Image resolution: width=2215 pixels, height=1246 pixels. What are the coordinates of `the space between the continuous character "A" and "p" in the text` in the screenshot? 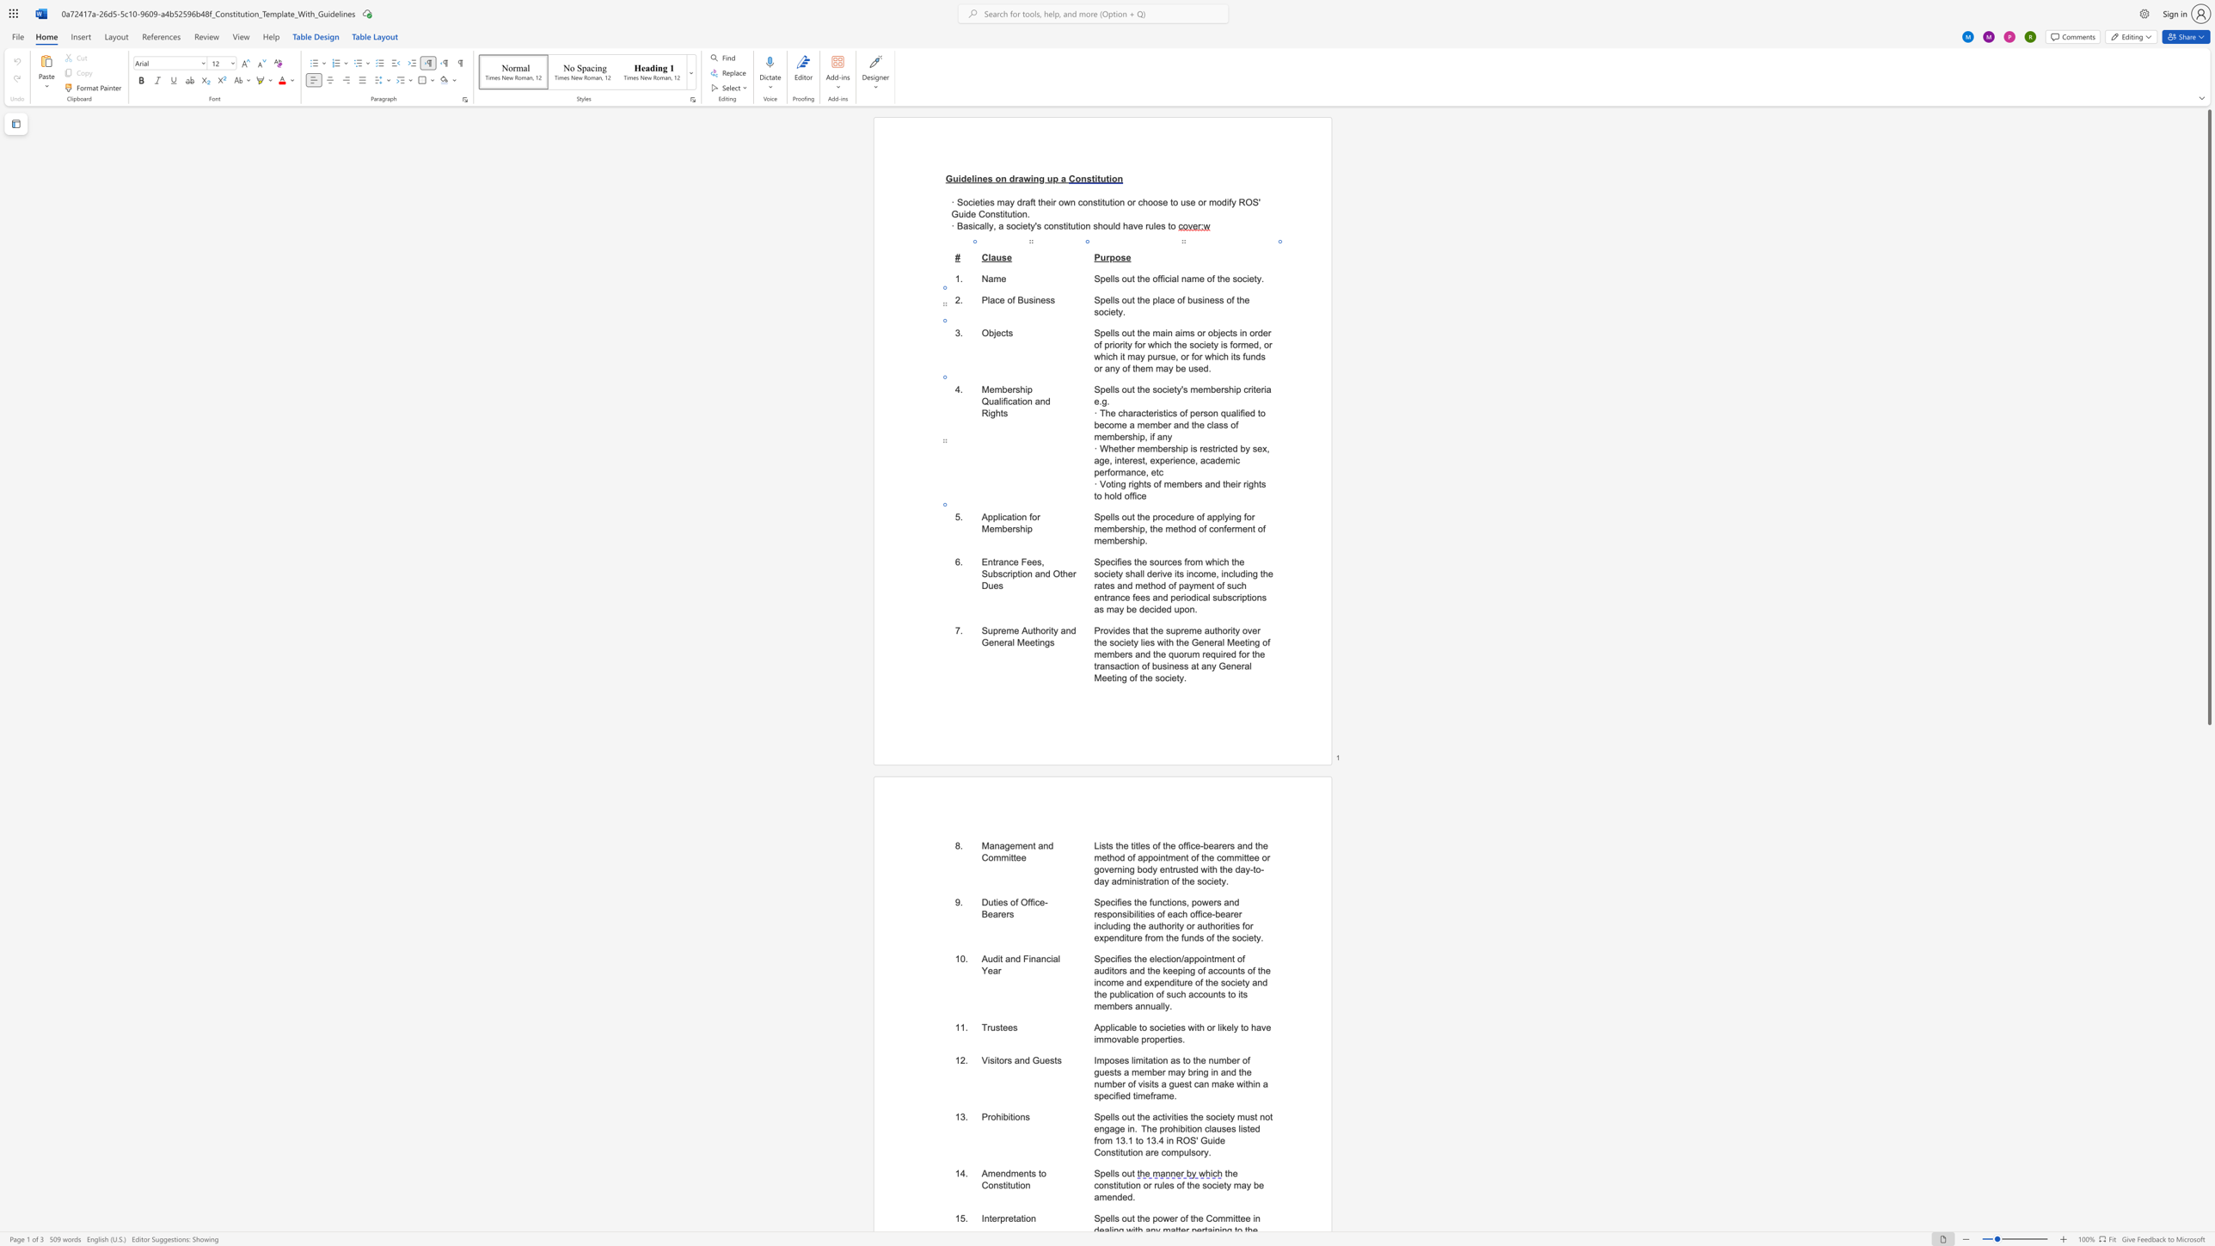 It's located at (987, 516).